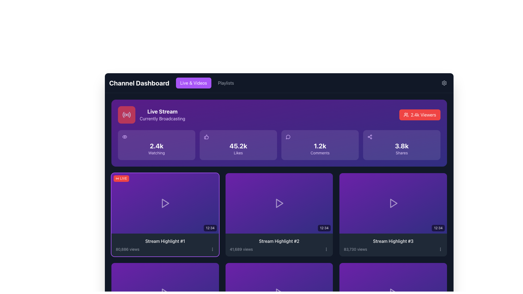  I want to click on the text label displaying '80,886 views' in light gray color located at the bottom of the 'Stream Highlight #1' card, so click(127, 249).